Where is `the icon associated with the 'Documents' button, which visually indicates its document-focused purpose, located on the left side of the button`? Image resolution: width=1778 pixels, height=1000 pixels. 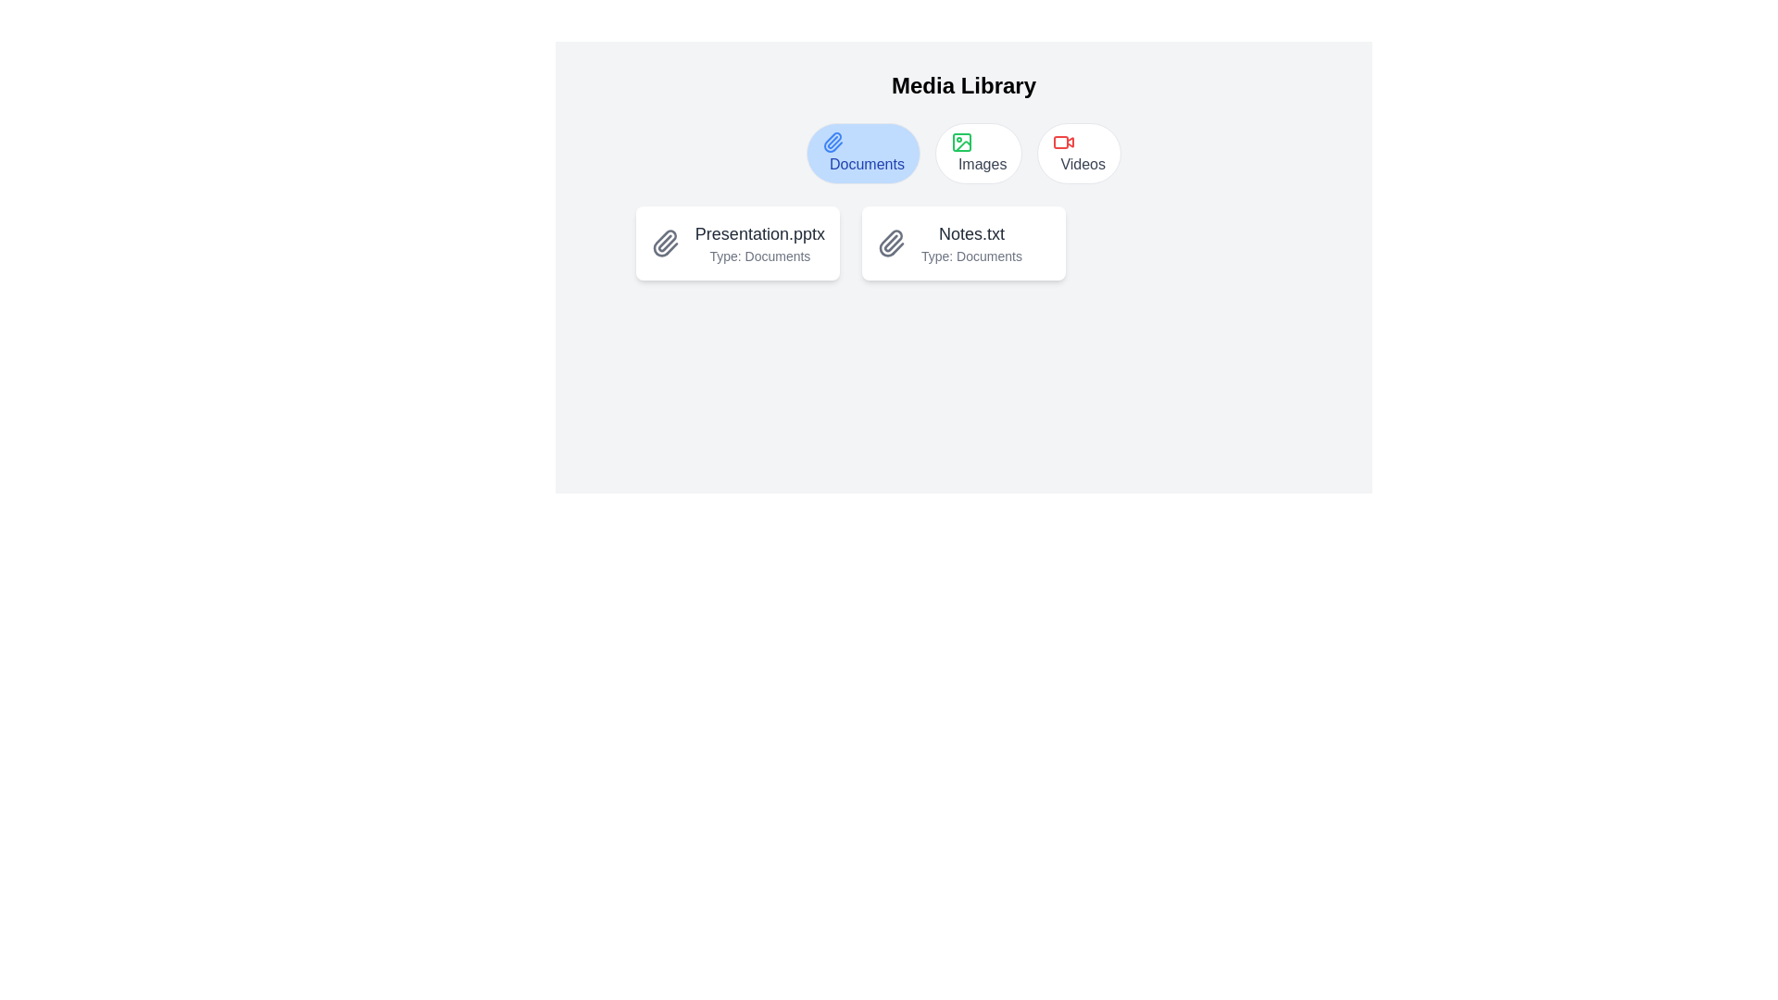 the icon associated with the 'Documents' button, which visually indicates its document-focused purpose, located on the left side of the button is located at coordinates (832, 142).